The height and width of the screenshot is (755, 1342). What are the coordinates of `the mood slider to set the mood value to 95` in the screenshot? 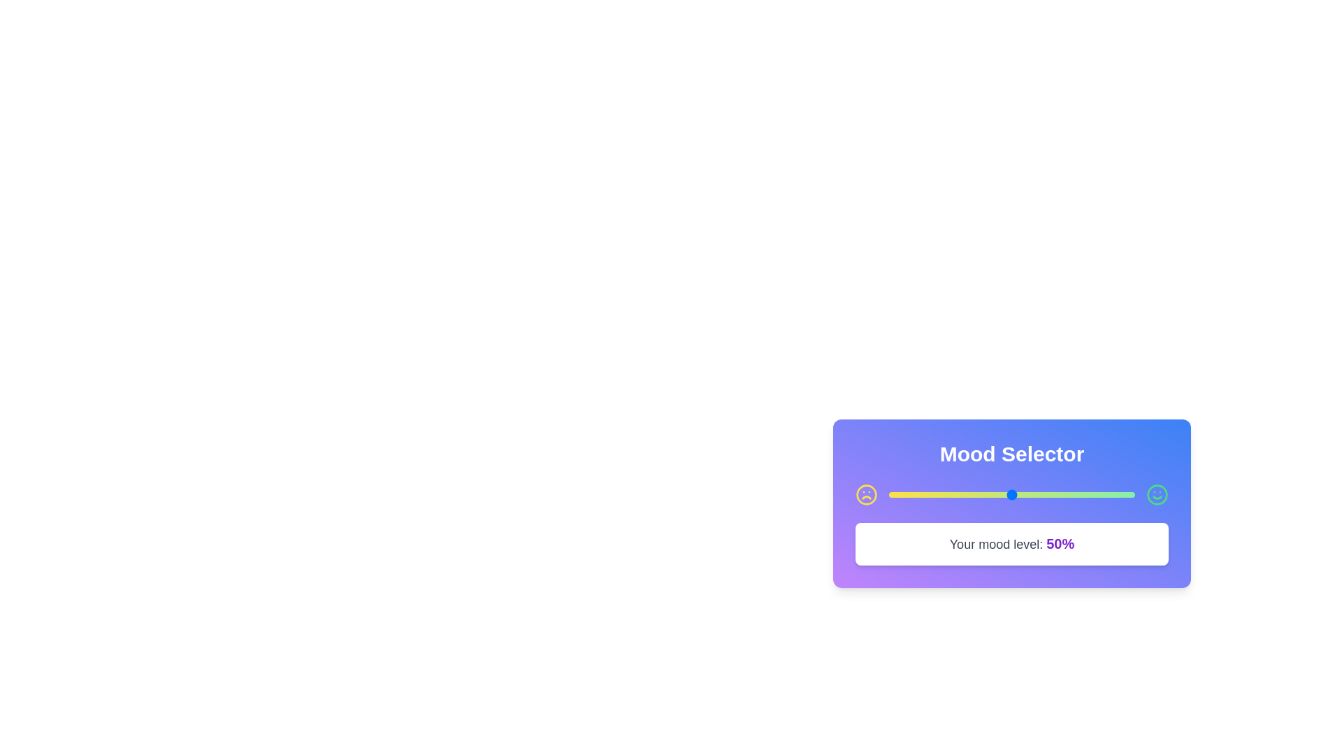 It's located at (1123, 494).